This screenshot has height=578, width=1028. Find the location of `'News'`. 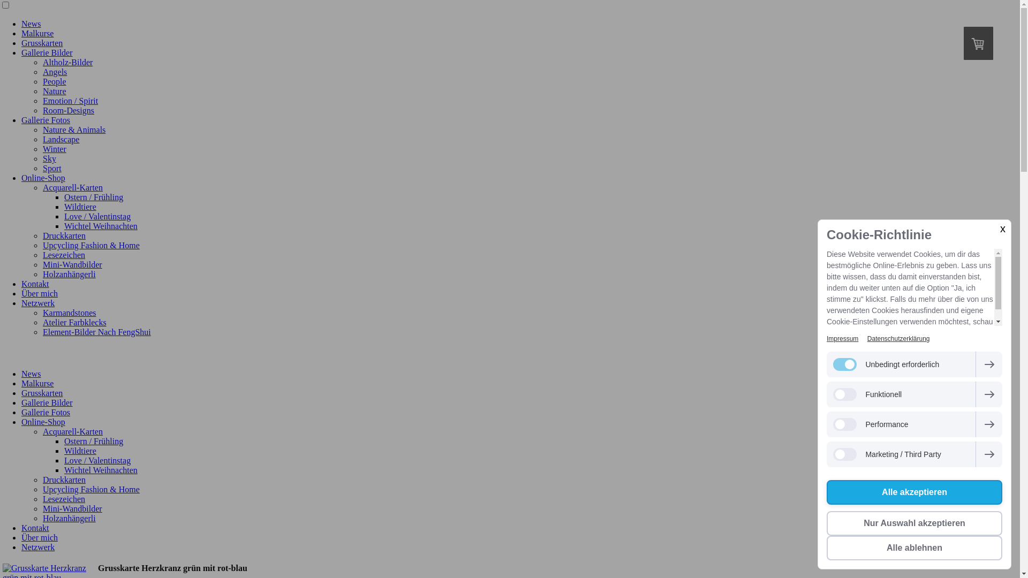

'News' is located at coordinates (31, 373).